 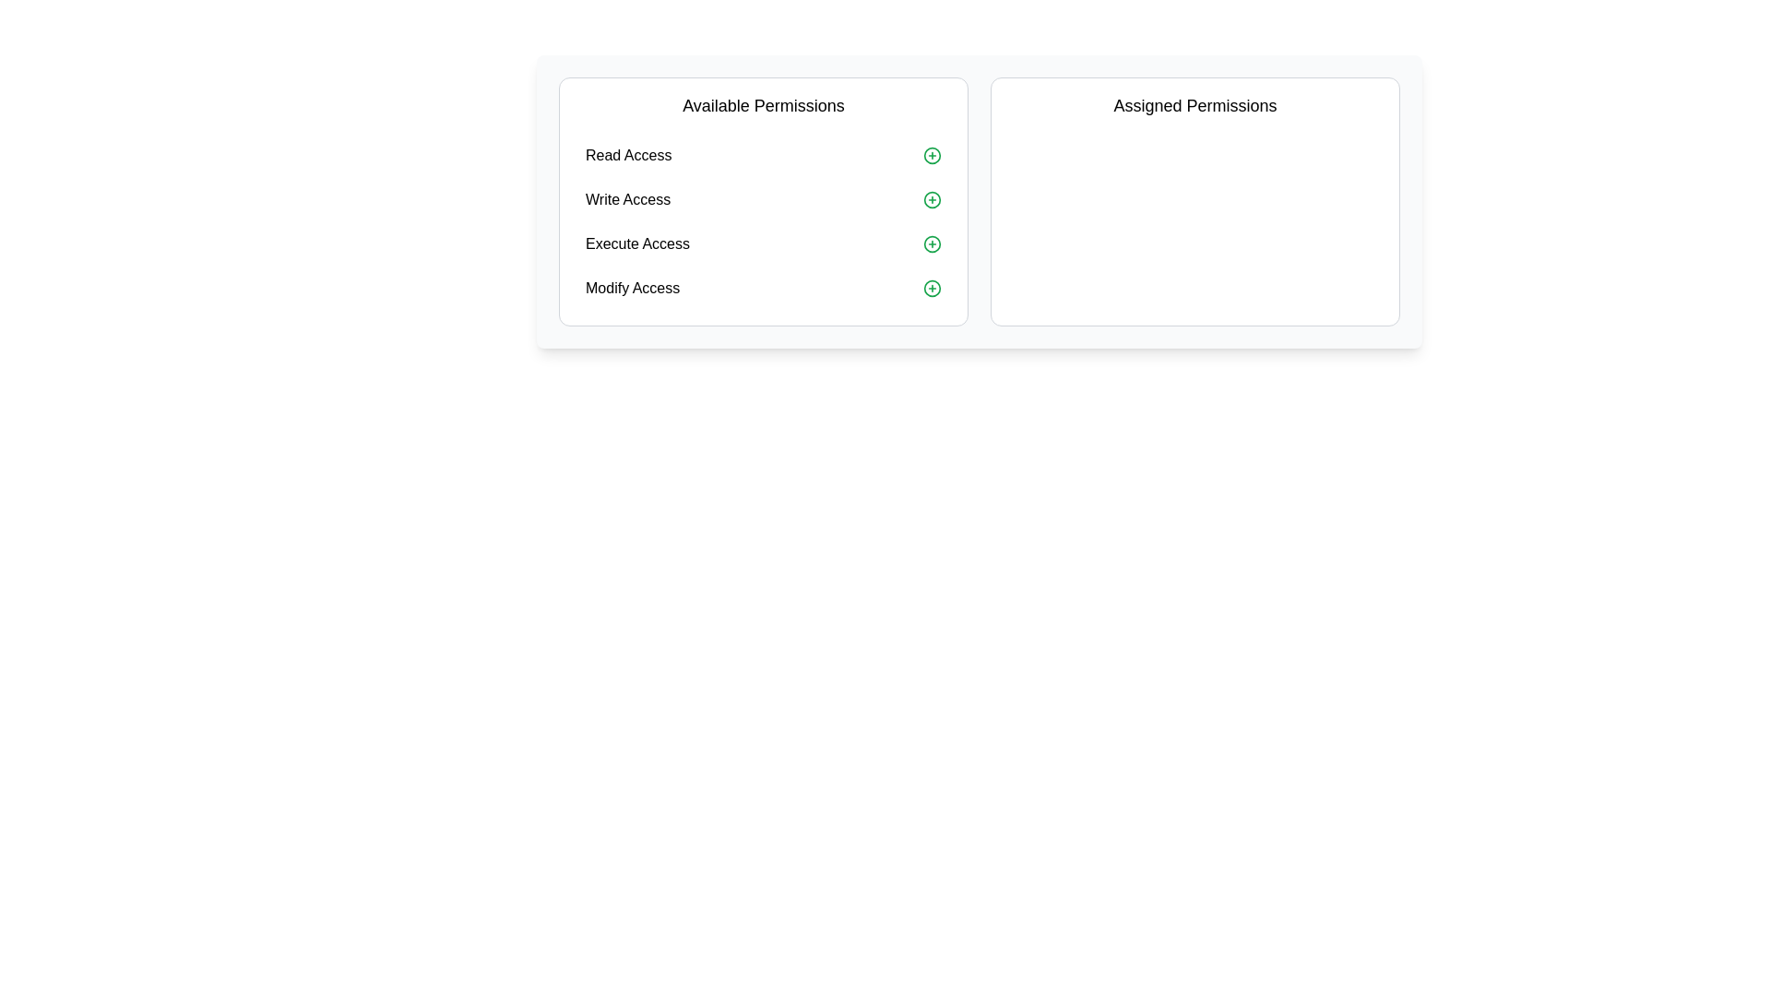 I want to click on '+' icon next to the permission labeled 'Read Access' in the 'Available Permissions' list, so click(x=933, y=155).